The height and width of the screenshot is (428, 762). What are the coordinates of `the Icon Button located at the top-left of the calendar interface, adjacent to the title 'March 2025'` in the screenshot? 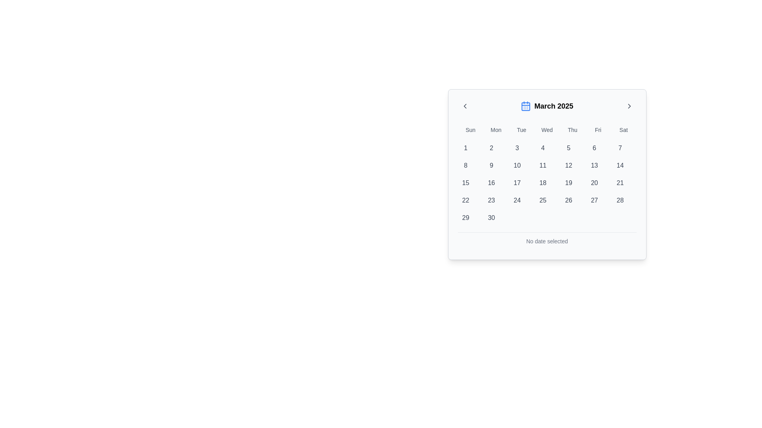 It's located at (465, 105).